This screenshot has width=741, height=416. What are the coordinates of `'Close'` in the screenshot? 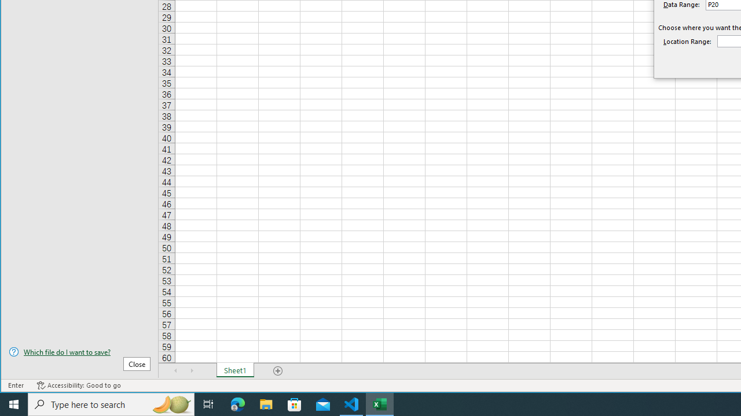 It's located at (137, 364).